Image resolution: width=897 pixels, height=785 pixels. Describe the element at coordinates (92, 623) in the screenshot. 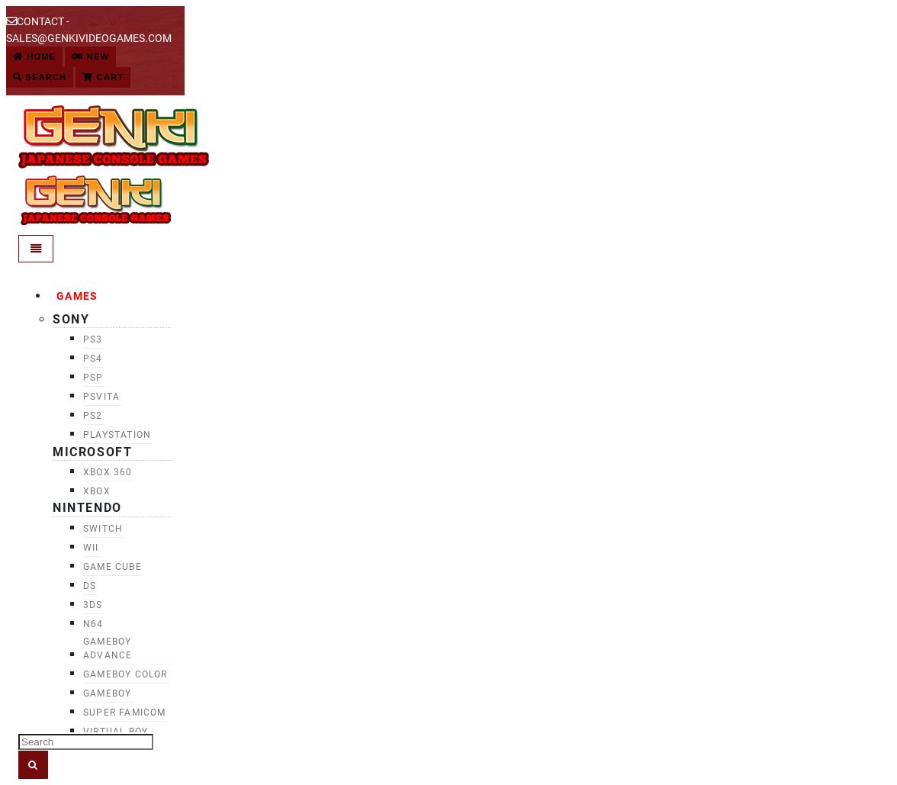

I see `'N64'` at that location.